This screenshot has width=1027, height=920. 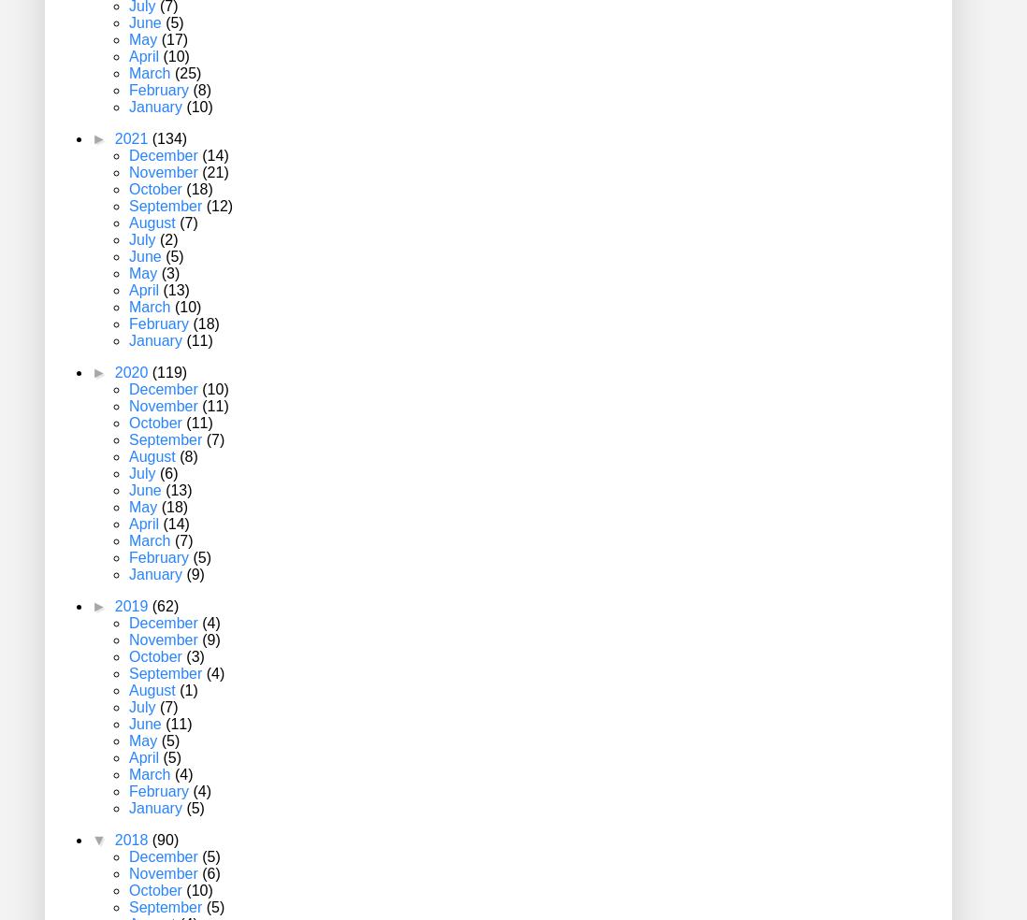 I want to click on '2020', so click(x=132, y=372).